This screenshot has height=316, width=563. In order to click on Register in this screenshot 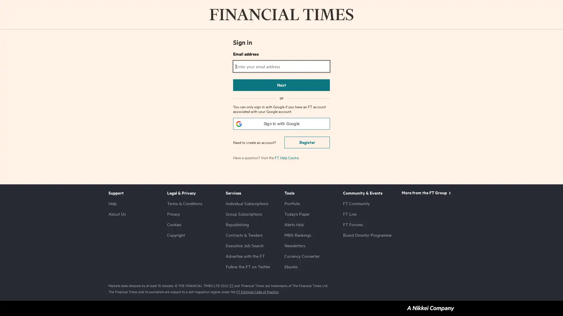, I will do `click(307, 142)`.